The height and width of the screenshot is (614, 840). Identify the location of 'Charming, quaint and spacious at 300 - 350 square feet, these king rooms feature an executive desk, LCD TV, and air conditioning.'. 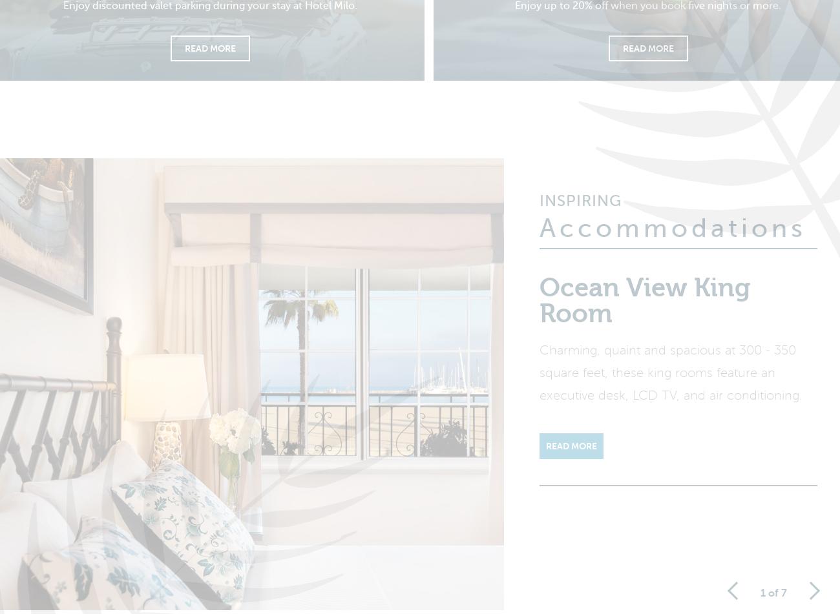
(671, 381).